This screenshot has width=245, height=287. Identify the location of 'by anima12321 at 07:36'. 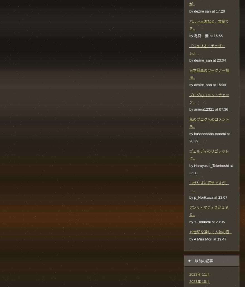
(208, 109).